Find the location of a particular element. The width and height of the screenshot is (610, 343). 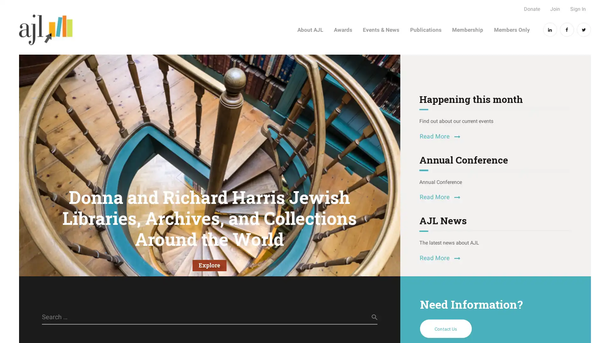

Search is located at coordinates (369, 317).